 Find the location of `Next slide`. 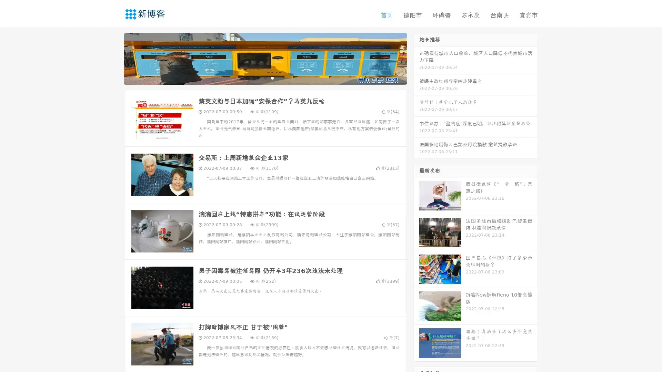

Next slide is located at coordinates (417, 58).